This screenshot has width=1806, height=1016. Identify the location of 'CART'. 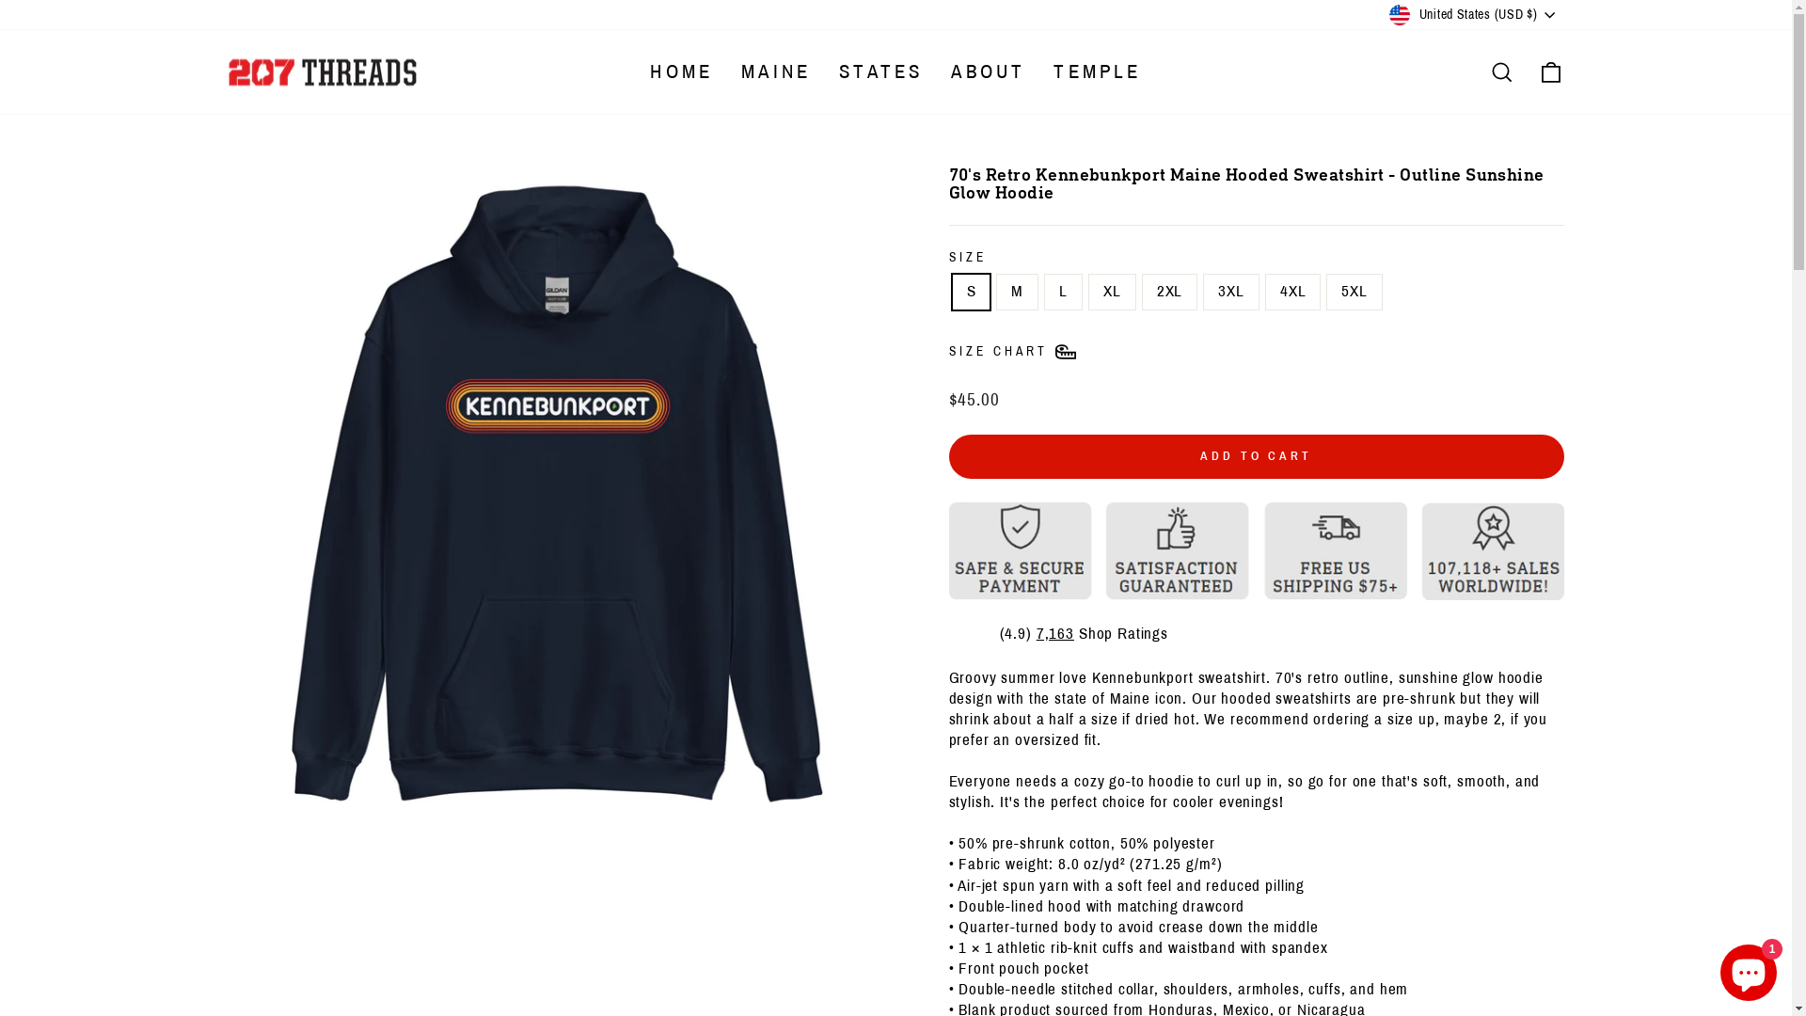
(1549, 71).